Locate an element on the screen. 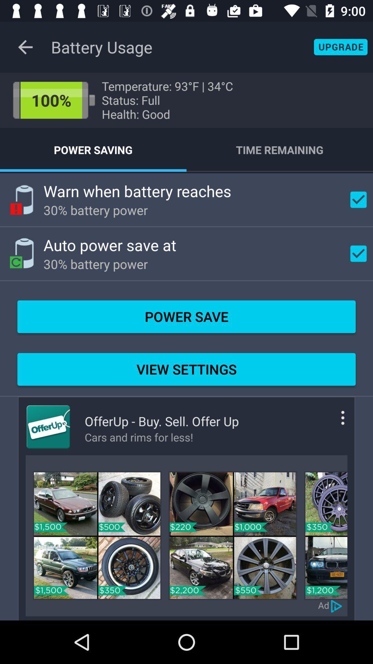 This screenshot has height=664, width=373. the vehicle wheels is located at coordinates (97, 535).